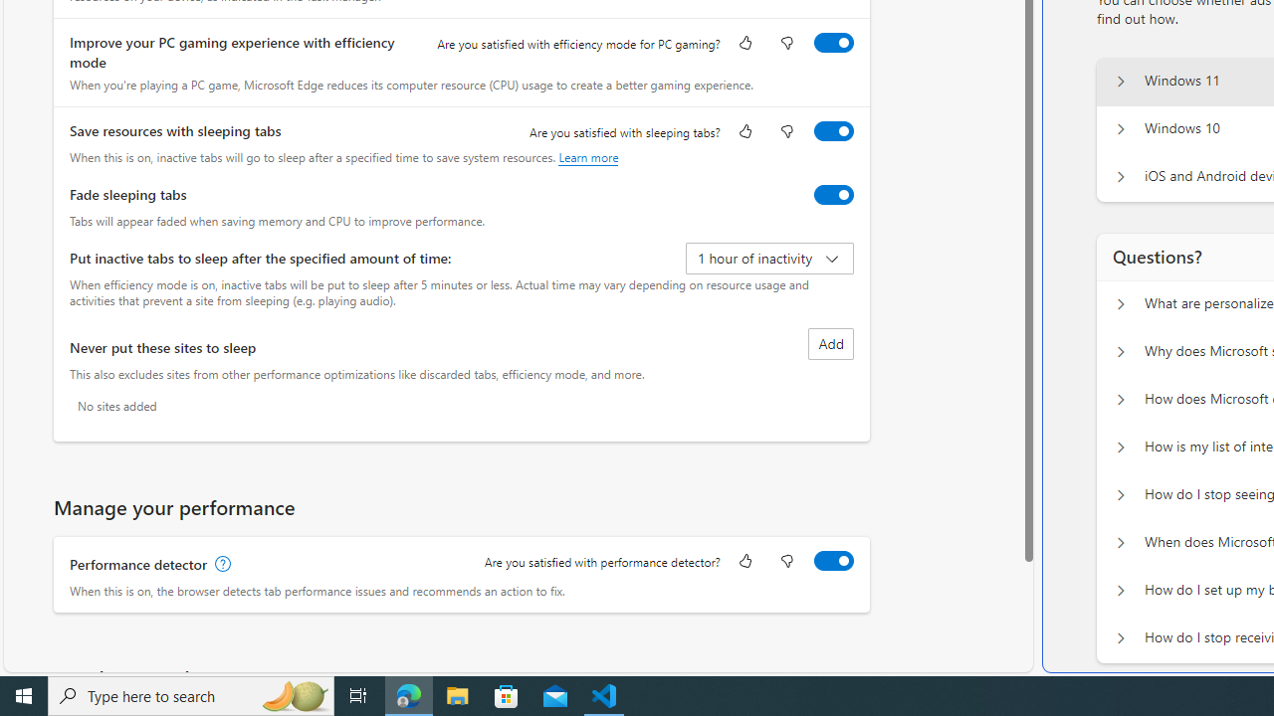 The image size is (1274, 716). What do you see at coordinates (221, 564) in the screenshot?
I see `'Performance detector, learn more'` at bounding box center [221, 564].